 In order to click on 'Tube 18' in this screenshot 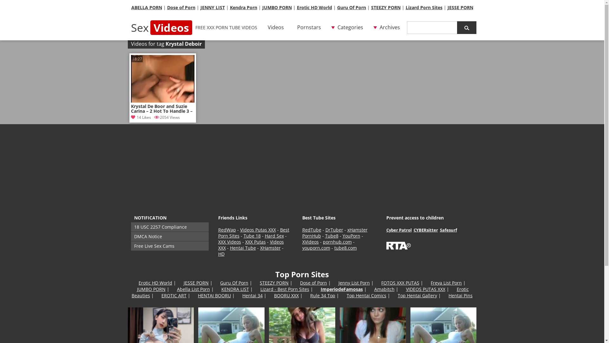, I will do `click(252, 236)`.